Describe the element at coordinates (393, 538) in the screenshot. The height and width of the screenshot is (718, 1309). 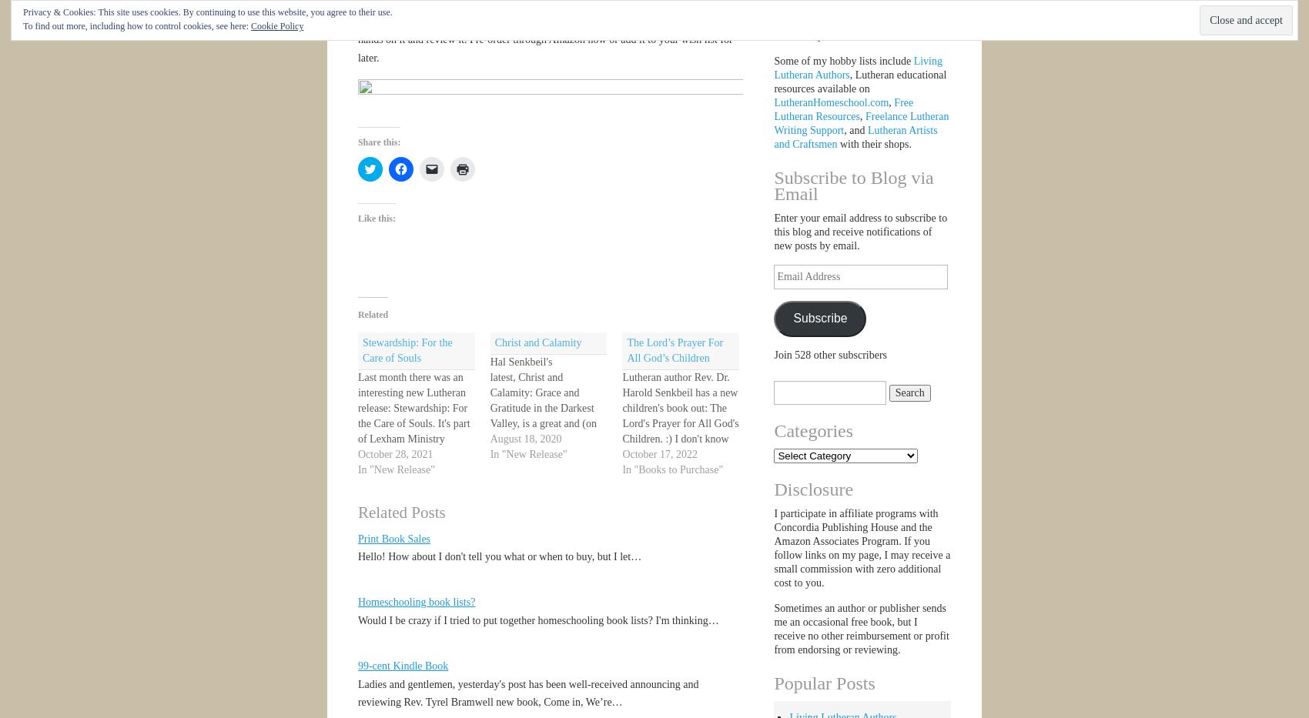
I see `'Print Book Sales'` at that location.